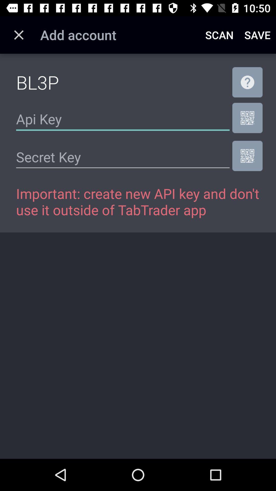 Image resolution: width=276 pixels, height=491 pixels. Describe the element at coordinates (257, 35) in the screenshot. I see `the item to the right of the scan icon` at that location.